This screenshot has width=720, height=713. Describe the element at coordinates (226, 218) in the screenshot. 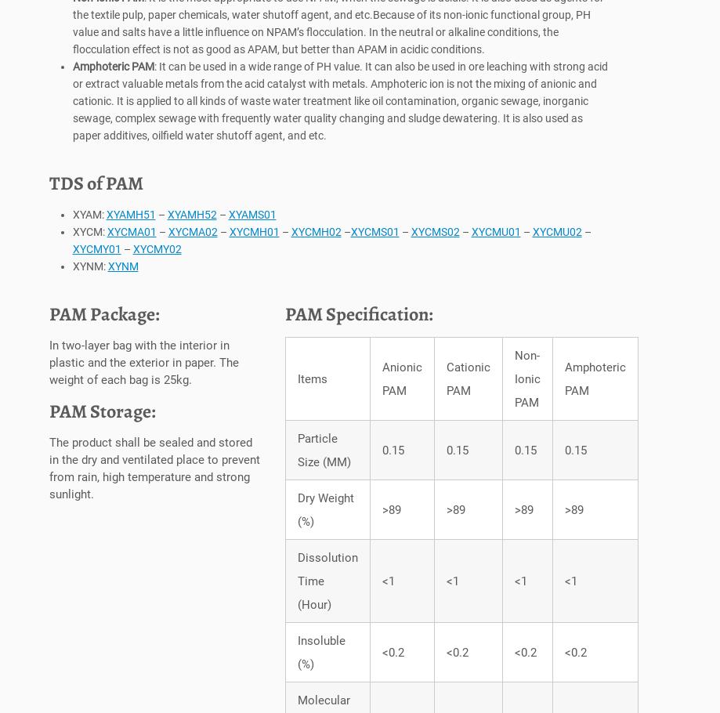

I see `'XYAMS01'` at that location.